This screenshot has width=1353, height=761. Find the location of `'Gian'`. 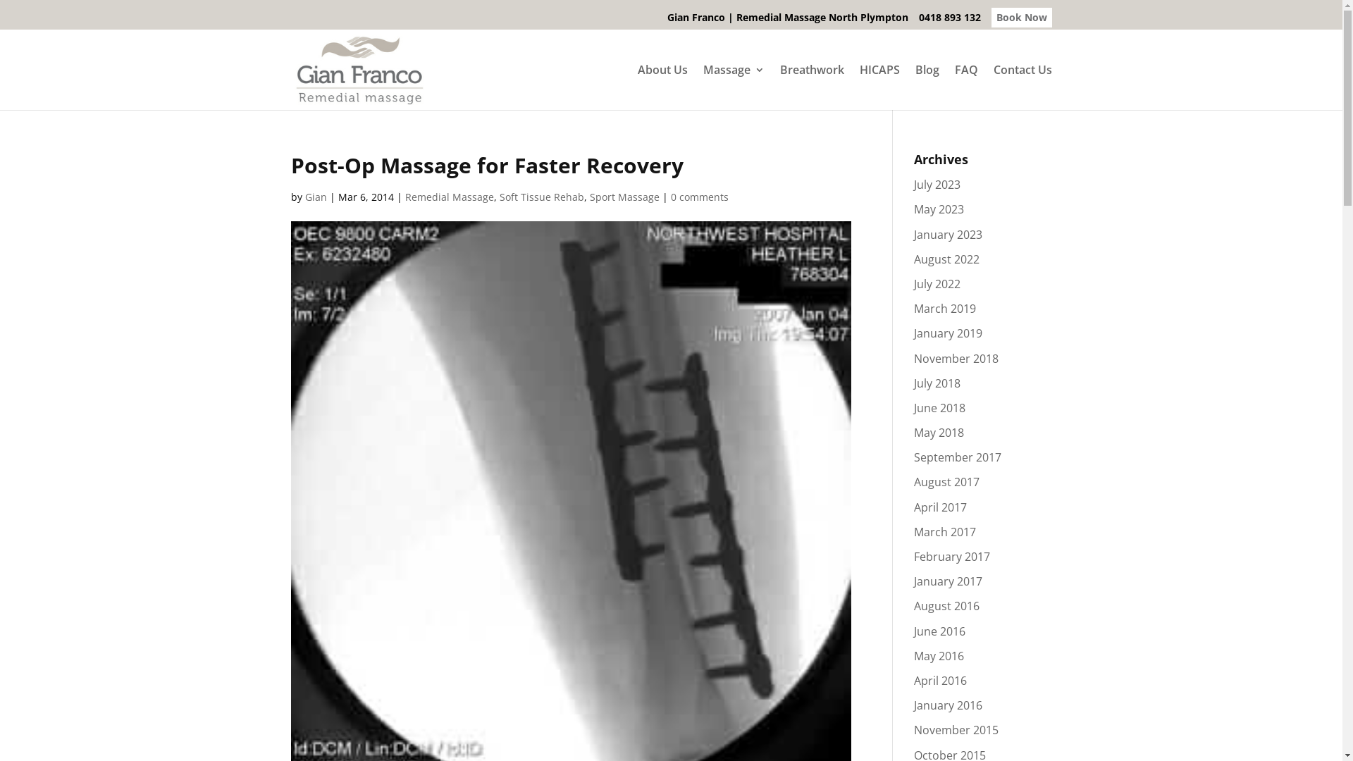

'Gian' is located at coordinates (304, 197).